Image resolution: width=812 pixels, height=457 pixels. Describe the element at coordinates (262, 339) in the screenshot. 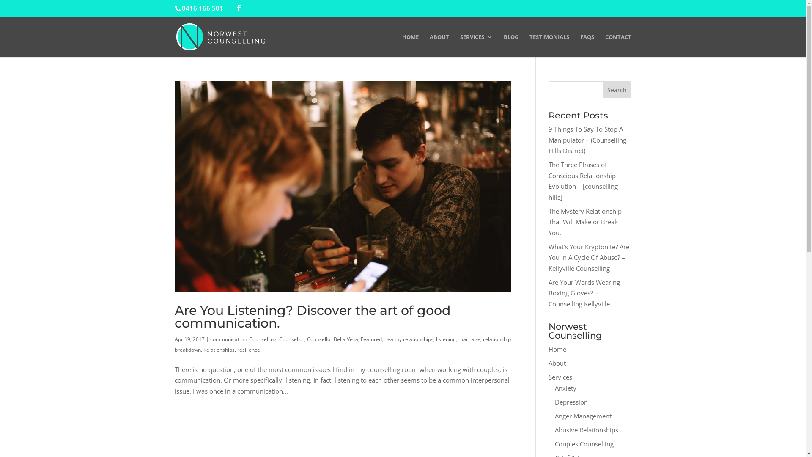

I see `'Counselling'` at that location.